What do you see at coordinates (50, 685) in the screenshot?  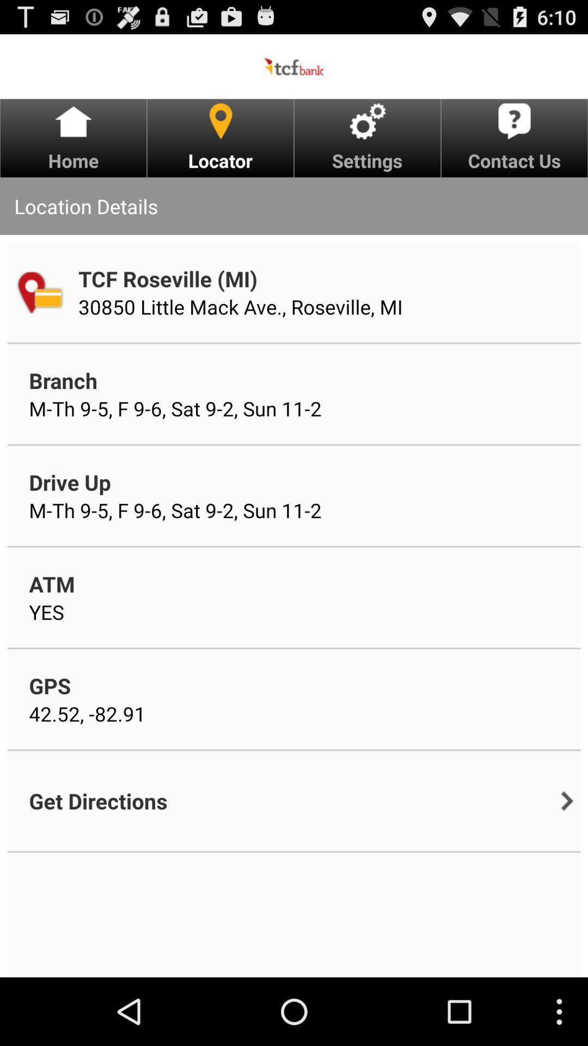 I see `the icon below yes icon` at bounding box center [50, 685].